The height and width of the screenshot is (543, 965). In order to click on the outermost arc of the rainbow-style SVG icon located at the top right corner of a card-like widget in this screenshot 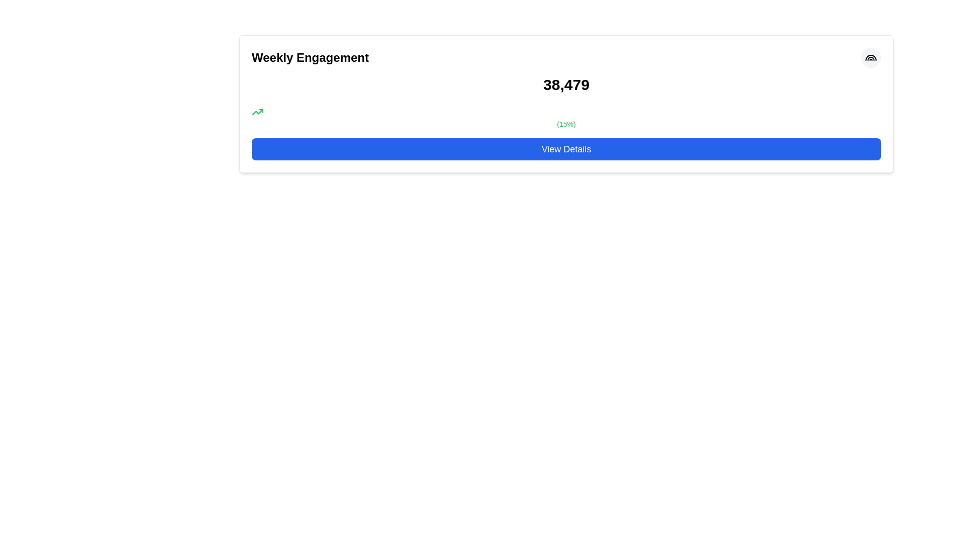, I will do `click(870, 58)`.